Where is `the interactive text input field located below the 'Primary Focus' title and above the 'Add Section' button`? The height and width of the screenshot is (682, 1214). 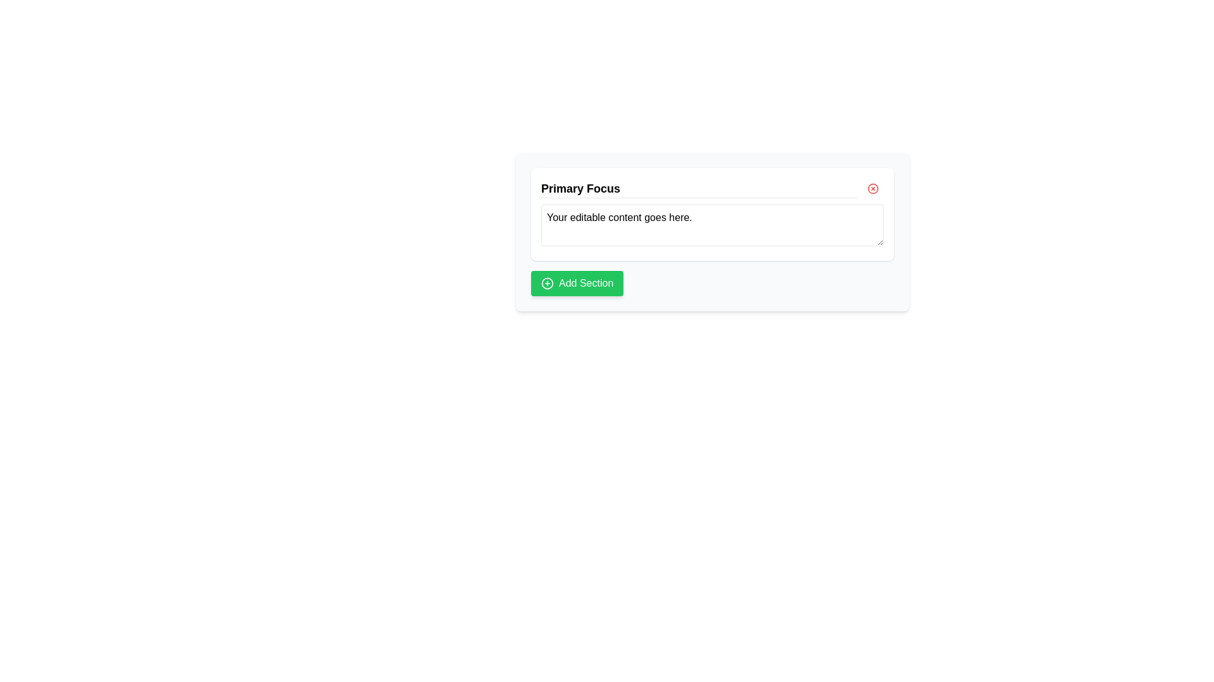 the interactive text input field located below the 'Primary Focus' title and above the 'Add Section' button is located at coordinates (713, 231).